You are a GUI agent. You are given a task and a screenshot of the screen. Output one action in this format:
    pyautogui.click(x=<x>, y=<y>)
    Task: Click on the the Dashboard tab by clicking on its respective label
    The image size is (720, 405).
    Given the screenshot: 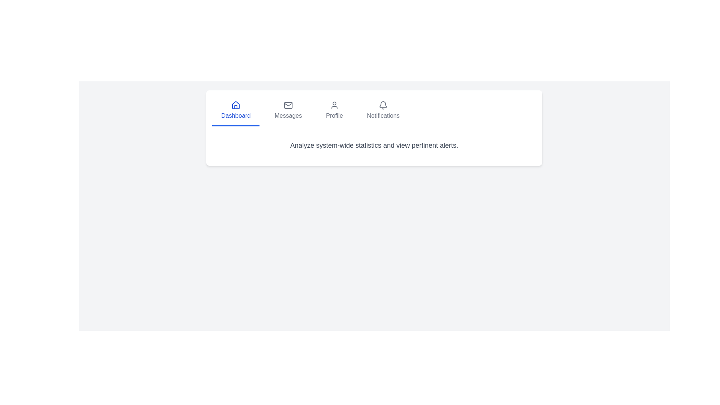 What is the action you would take?
    pyautogui.click(x=235, y=111)
    